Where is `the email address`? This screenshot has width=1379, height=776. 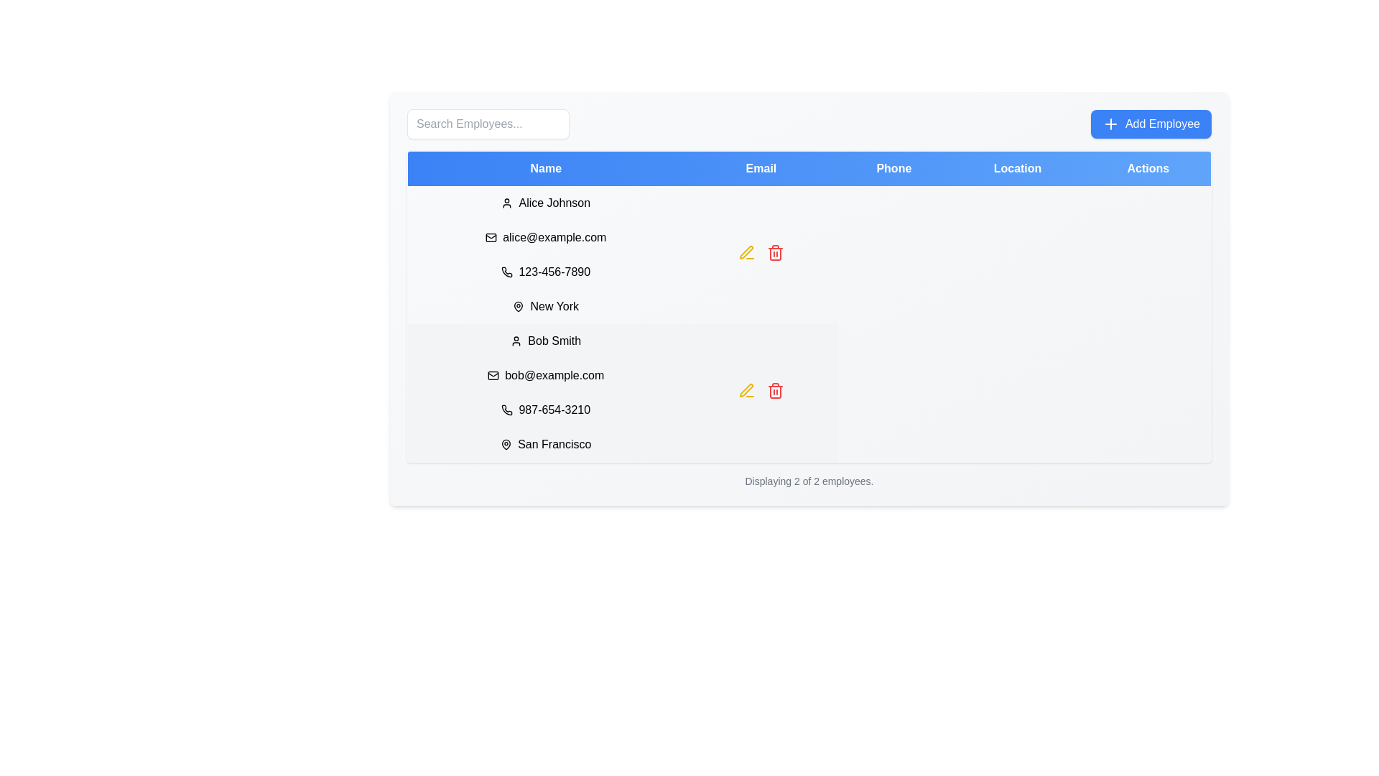 the email address is located at coordinates (493, 375).